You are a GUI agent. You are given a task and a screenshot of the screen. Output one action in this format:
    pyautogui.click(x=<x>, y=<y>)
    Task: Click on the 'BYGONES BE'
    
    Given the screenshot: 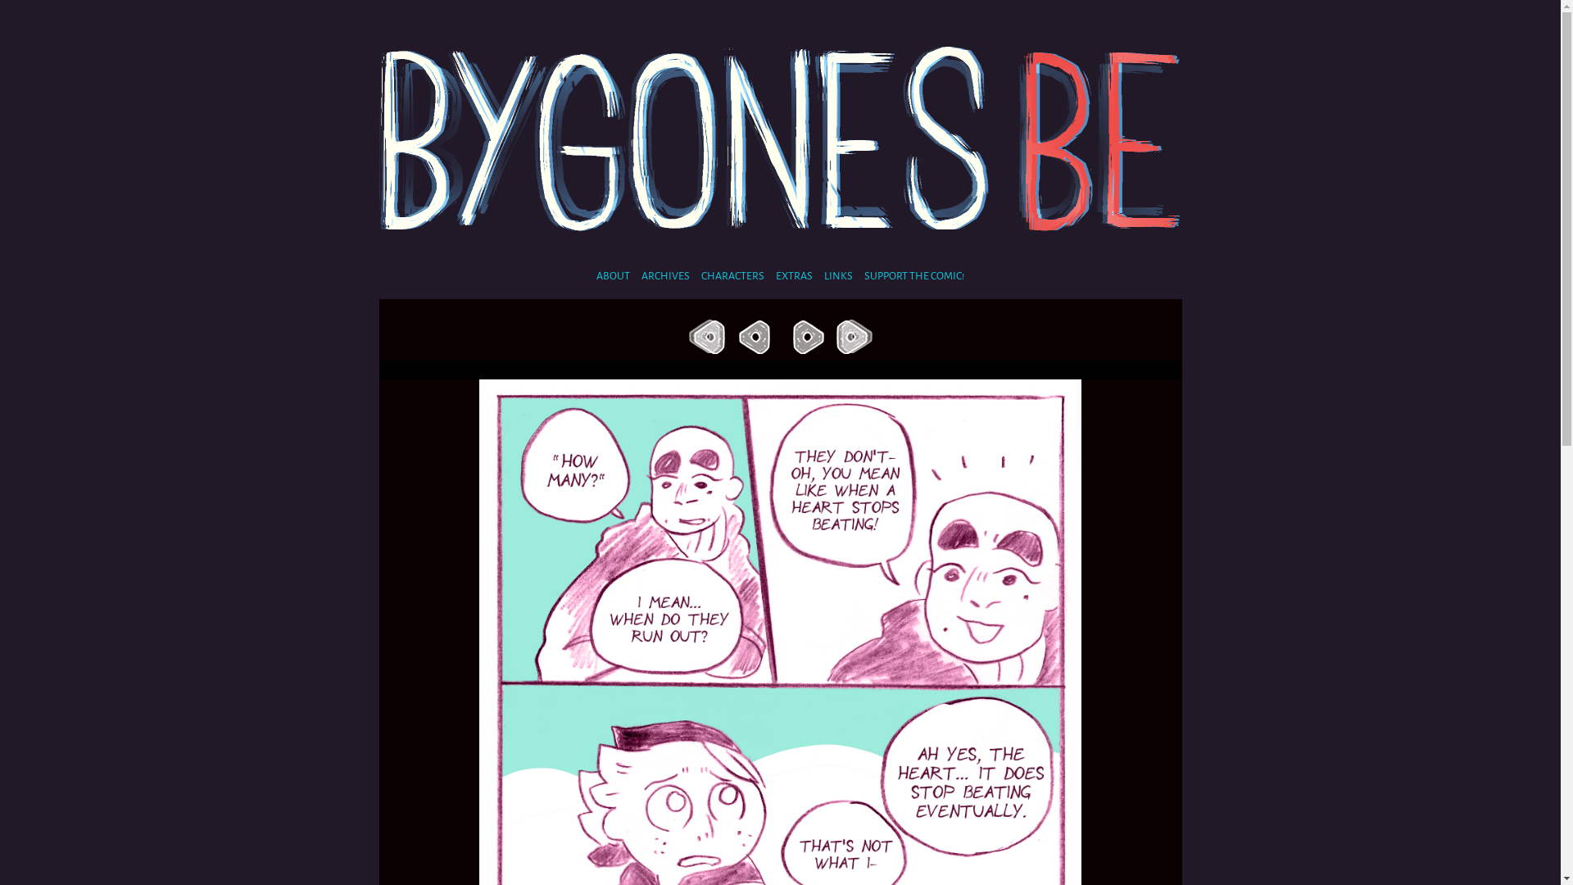 What is the action you would take?
    pyautogui.click(x=779, y=129)
    